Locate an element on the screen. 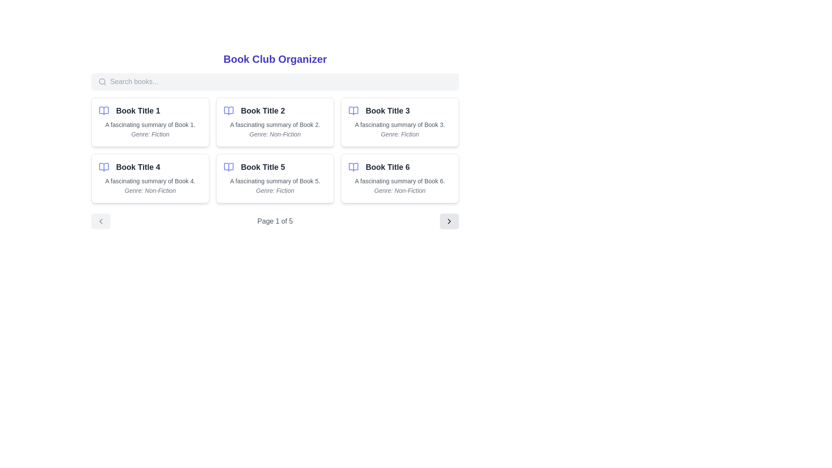  the title of the book is located at coordinates (274, 167).